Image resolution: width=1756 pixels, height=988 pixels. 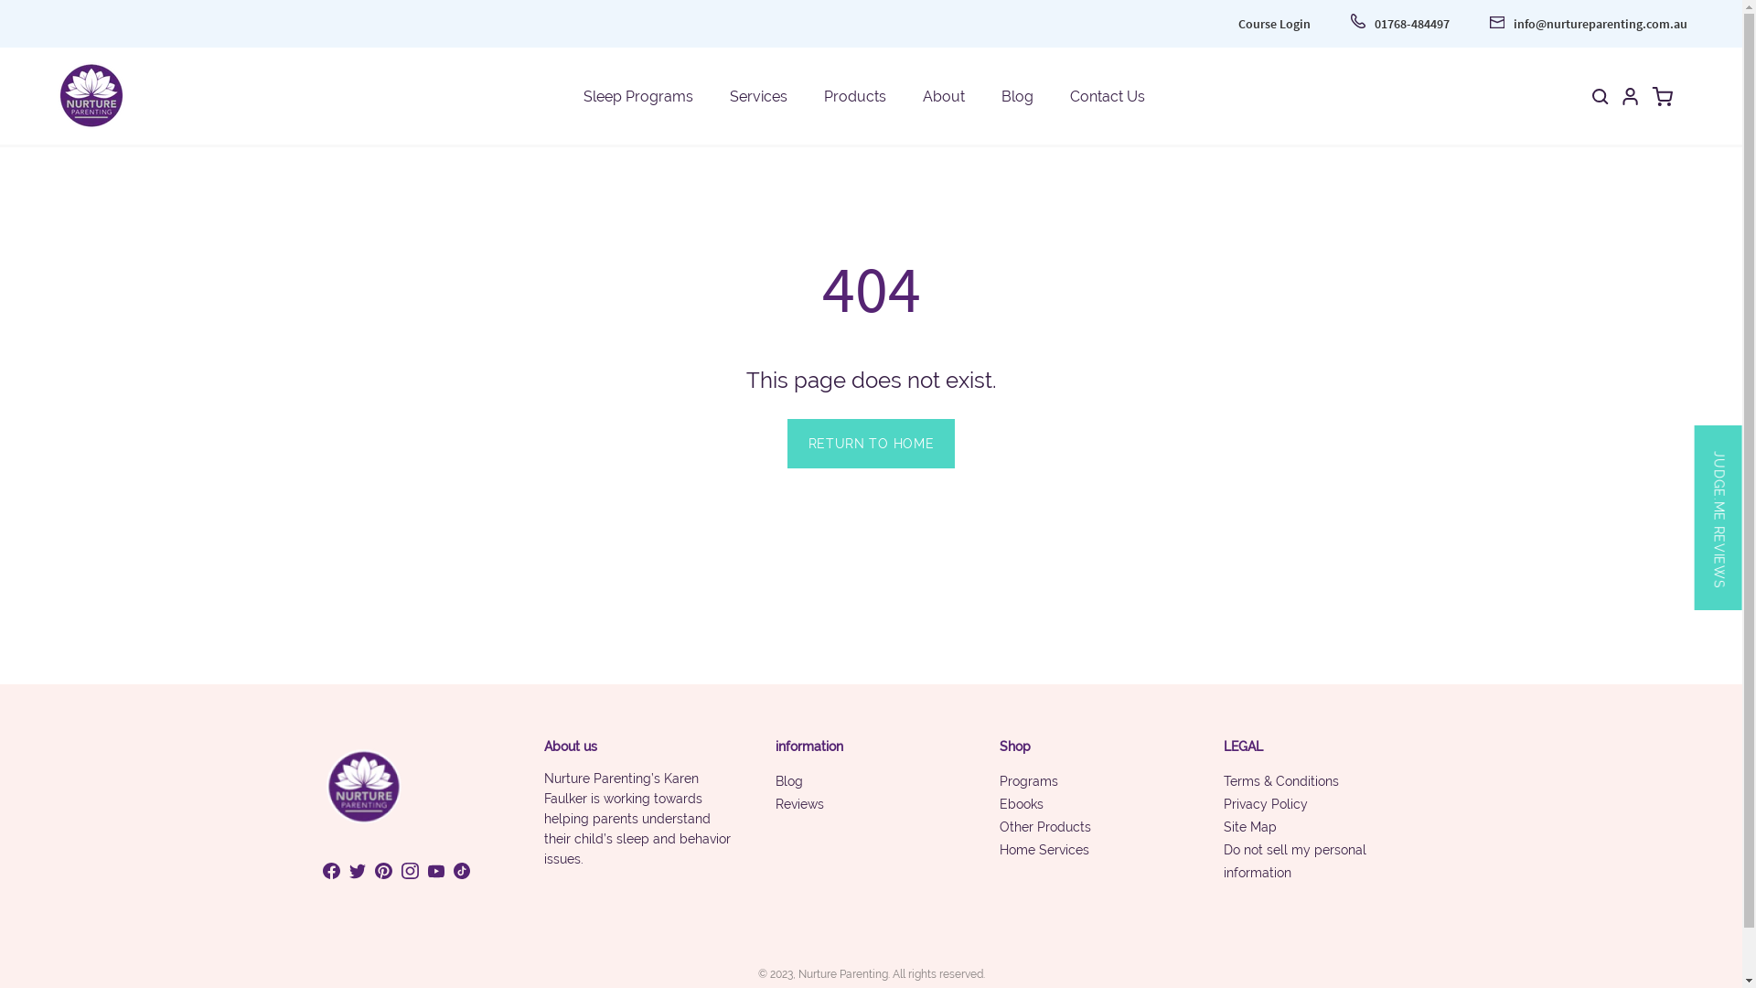 What do you see at coordinates (1106, 95) in the screenshot?
I see `'Contact Us'` at bounding box center [1106, 95].